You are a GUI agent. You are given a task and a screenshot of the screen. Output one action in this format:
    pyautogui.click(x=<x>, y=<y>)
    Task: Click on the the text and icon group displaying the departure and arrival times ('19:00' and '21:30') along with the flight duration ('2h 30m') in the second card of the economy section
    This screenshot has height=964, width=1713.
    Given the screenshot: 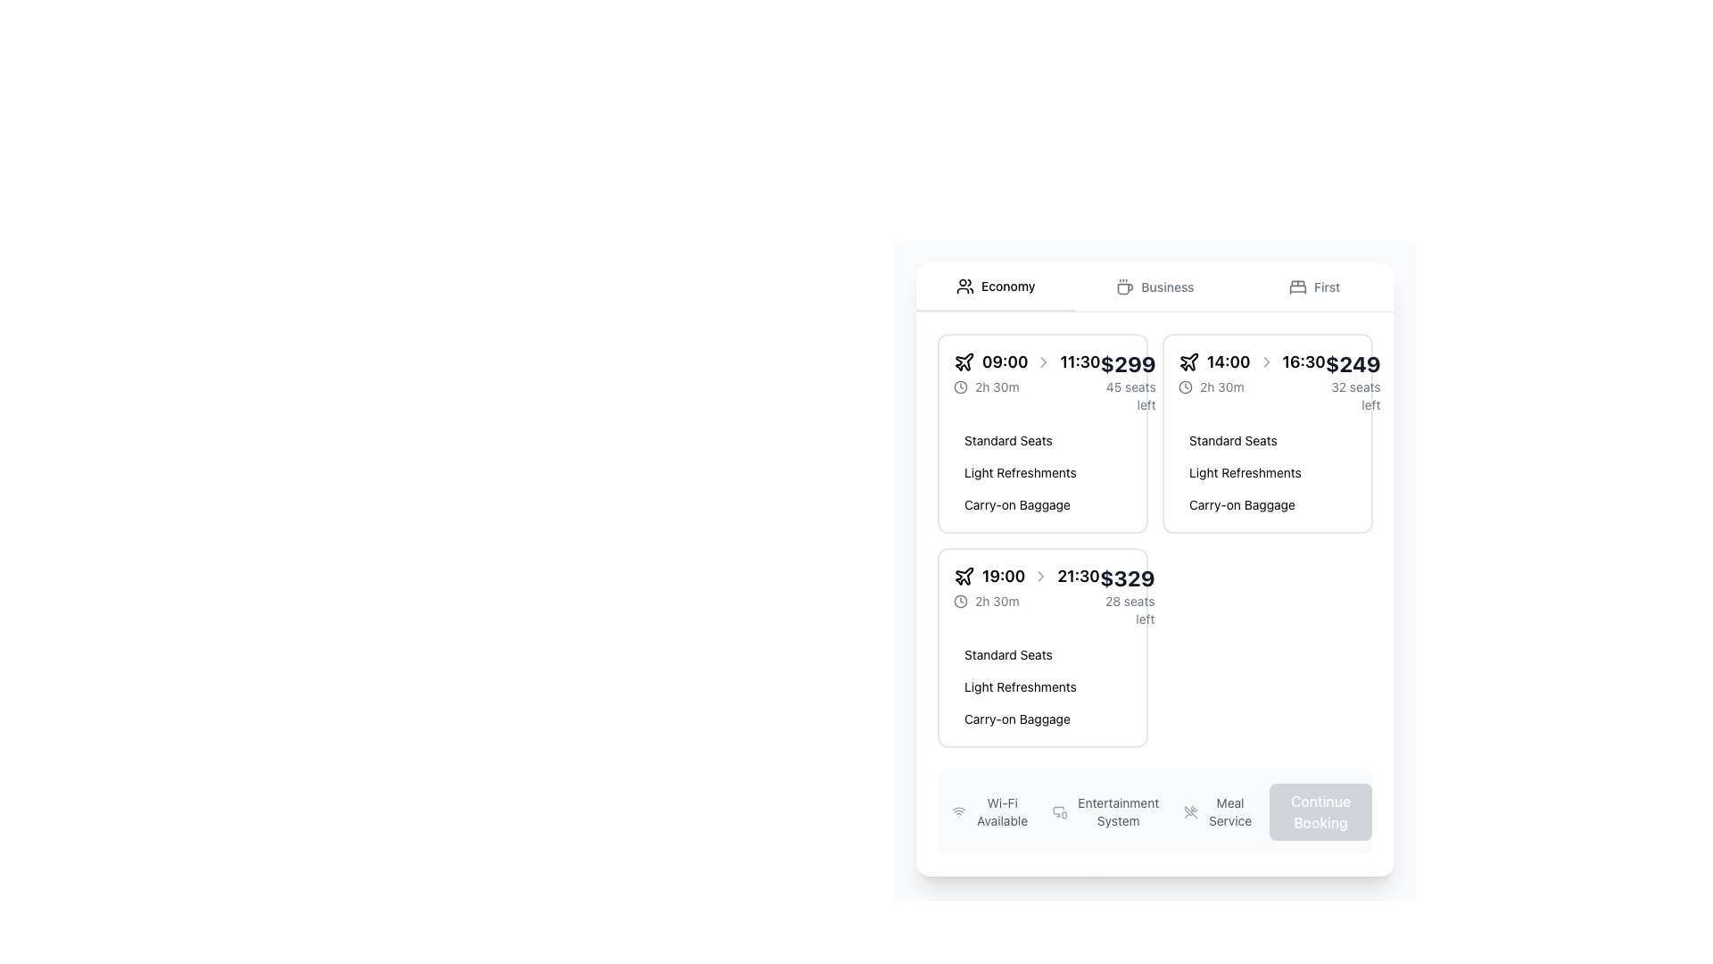 What is the action you would take?
    pyautogui.click(x=1026, y=587)
    